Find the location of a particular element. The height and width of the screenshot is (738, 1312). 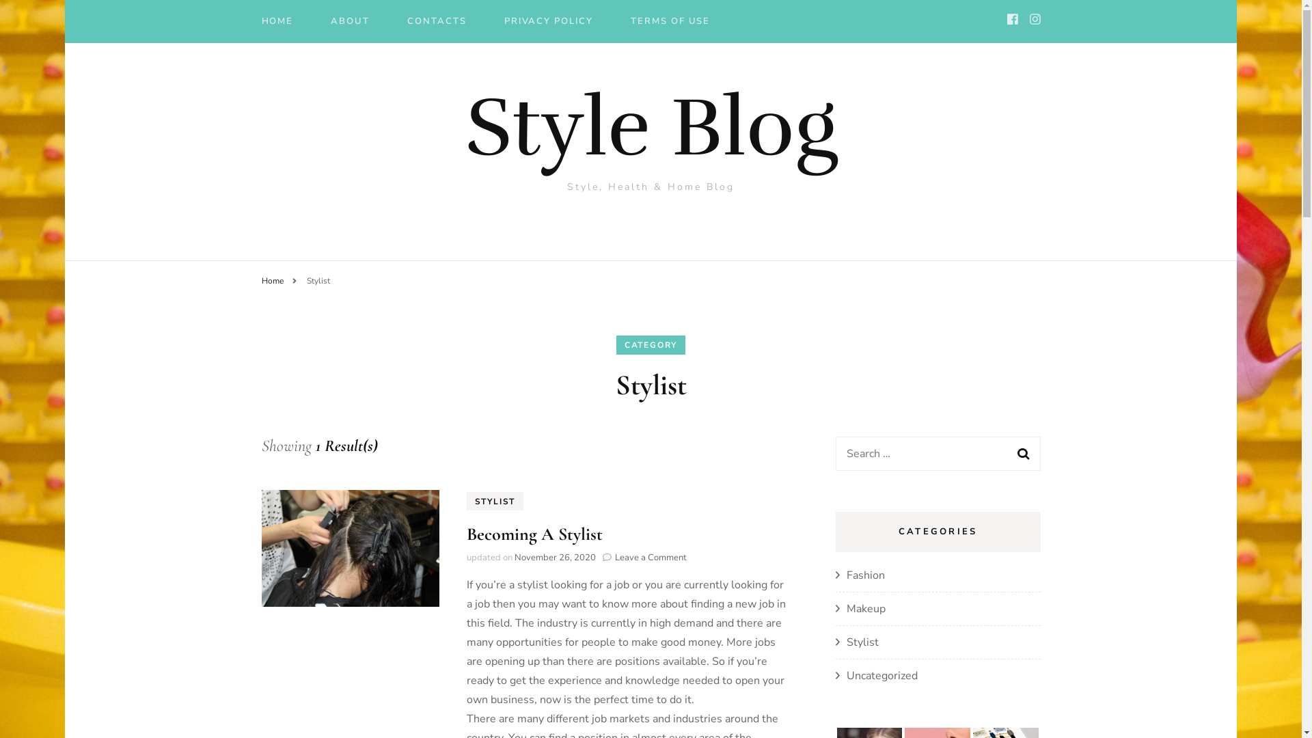

'Style Blog' is located at coordinates (649, 127).